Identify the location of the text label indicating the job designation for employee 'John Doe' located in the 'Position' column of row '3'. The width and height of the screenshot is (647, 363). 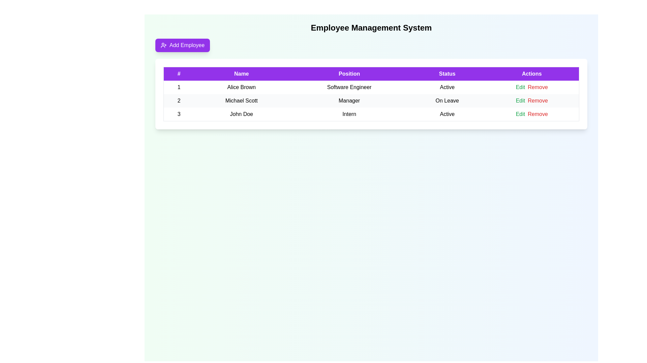
(349, 114).